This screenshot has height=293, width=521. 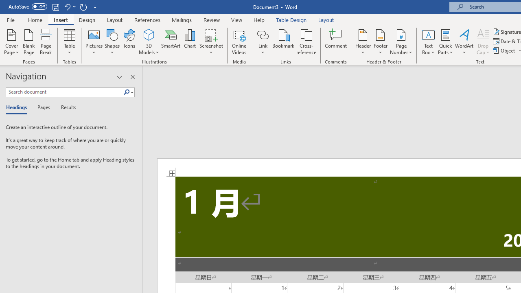 What do you see at coordinates (306, 42) in the screenshot?
I see `'Cross-reference...'` at bounding box center [306, 42].